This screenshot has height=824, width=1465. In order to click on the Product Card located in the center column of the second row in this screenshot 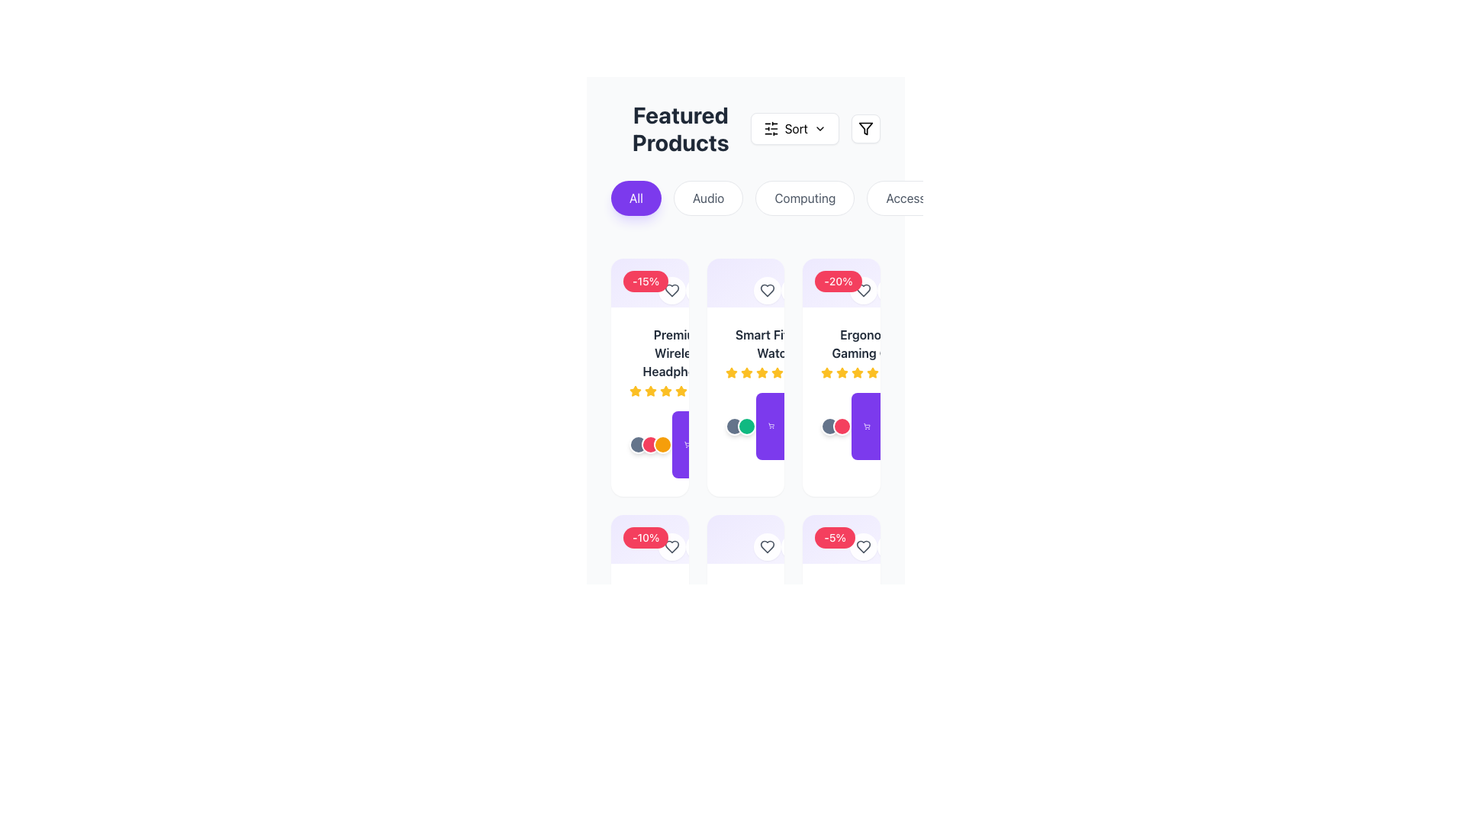, I will do `click(745, 392)`.